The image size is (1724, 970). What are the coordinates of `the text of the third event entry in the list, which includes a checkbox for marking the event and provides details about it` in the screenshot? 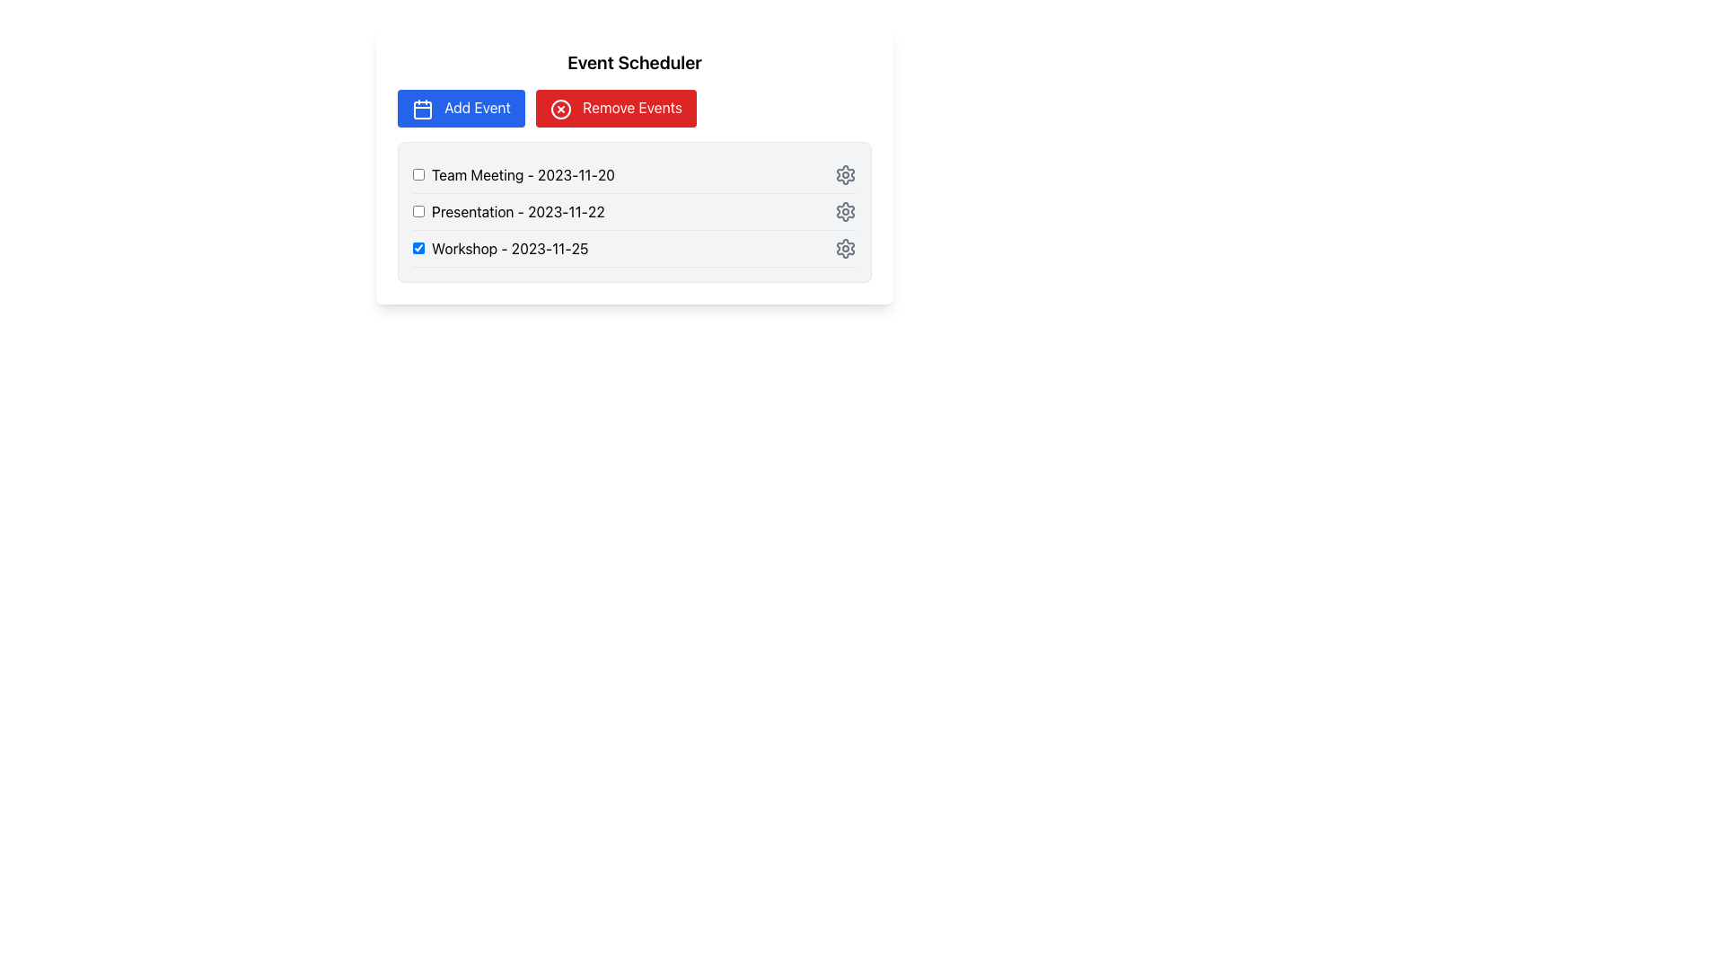 It's located at (500, 248).